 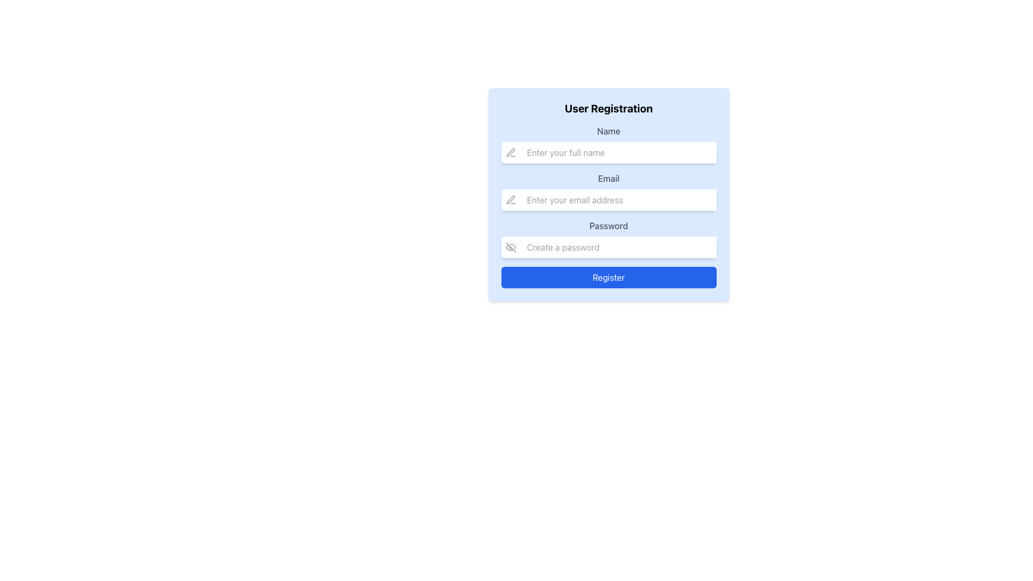 What do you see at coordinates (510, 247) in the screenshot?
I see `the eye icon button located to the left of the password input field in the 'User Registration' form` at bounding box center [510, 247].